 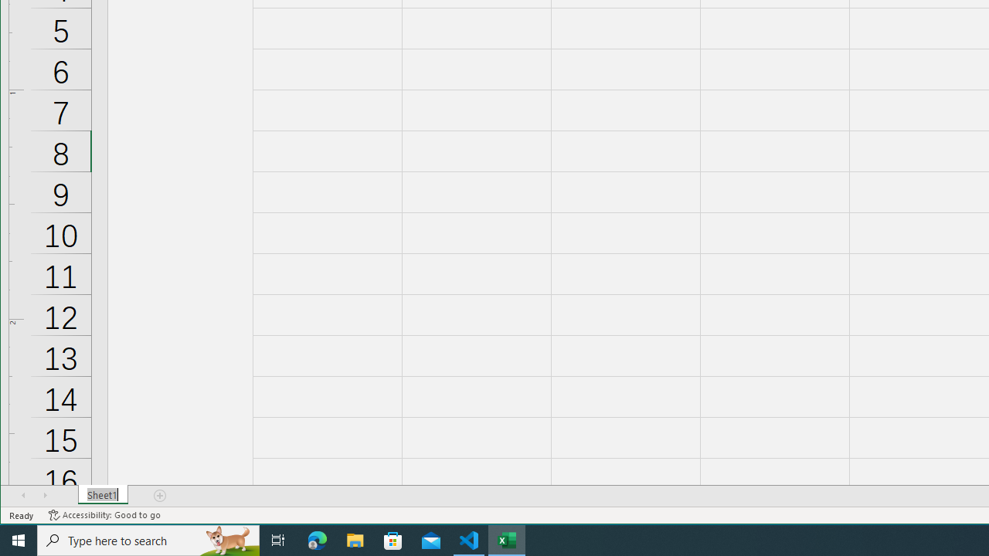 What do you see at coordinates (102, 495) in the screenshot?
I see `'Sheet Tab'` at bounding box center [102, 495].